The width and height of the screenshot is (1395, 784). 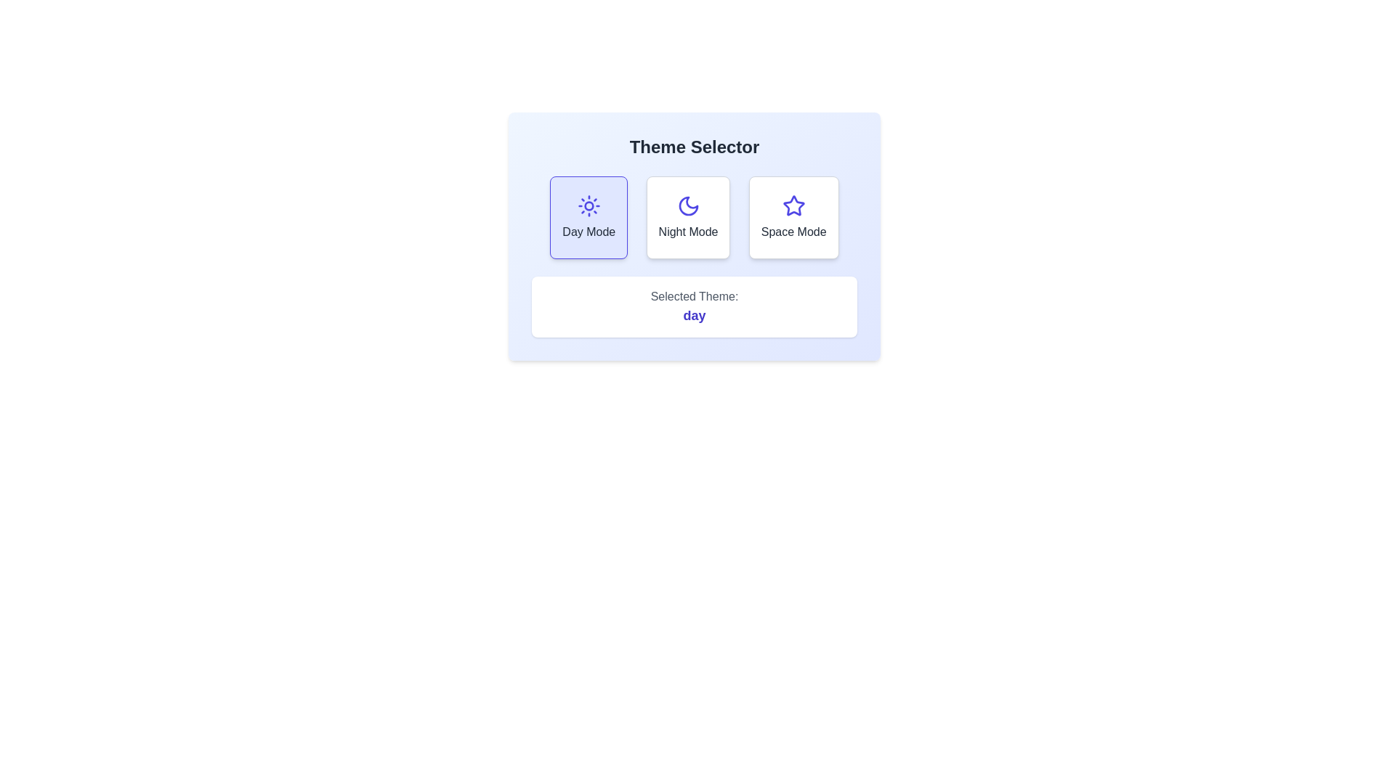 I want to click on the 'Day Mode' button, which is the first button in the 'Theme Selector' panel, so click(x=589, y=218).